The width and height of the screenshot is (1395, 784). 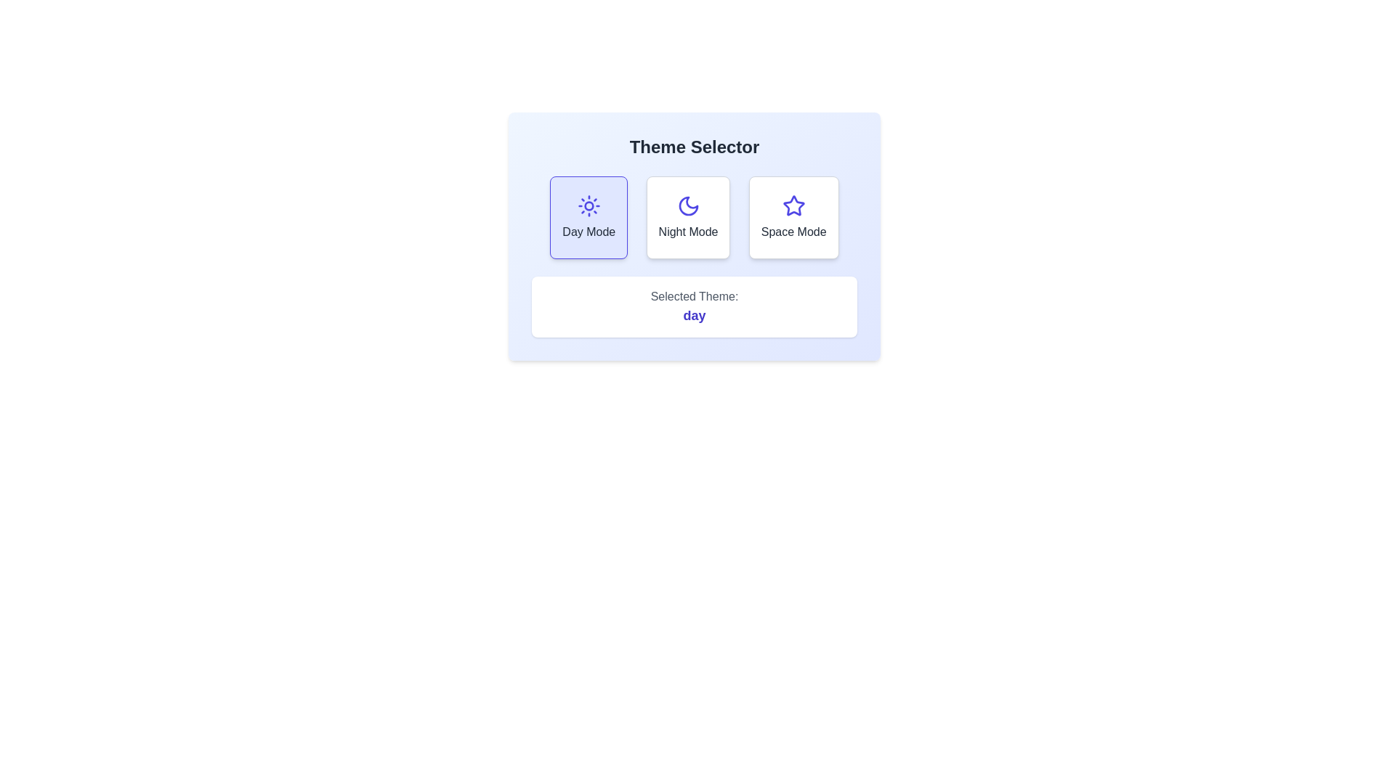 I want to click on the 'Day Mode' button, which is the first button in the 'Theme Selector' panel, so click(x=589, y=218).